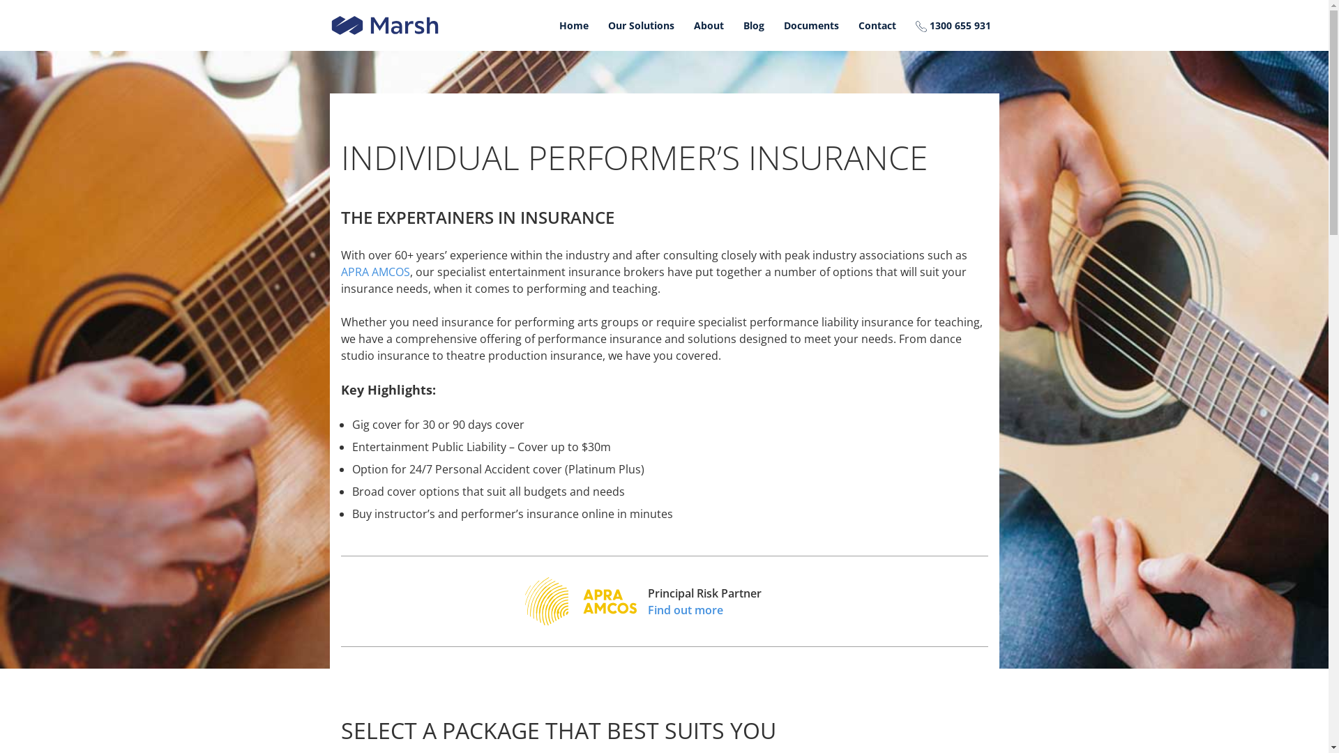  Describe the element at coordinates (907, 26) in the screenshot. I see `'1300 655 931'` at that location.